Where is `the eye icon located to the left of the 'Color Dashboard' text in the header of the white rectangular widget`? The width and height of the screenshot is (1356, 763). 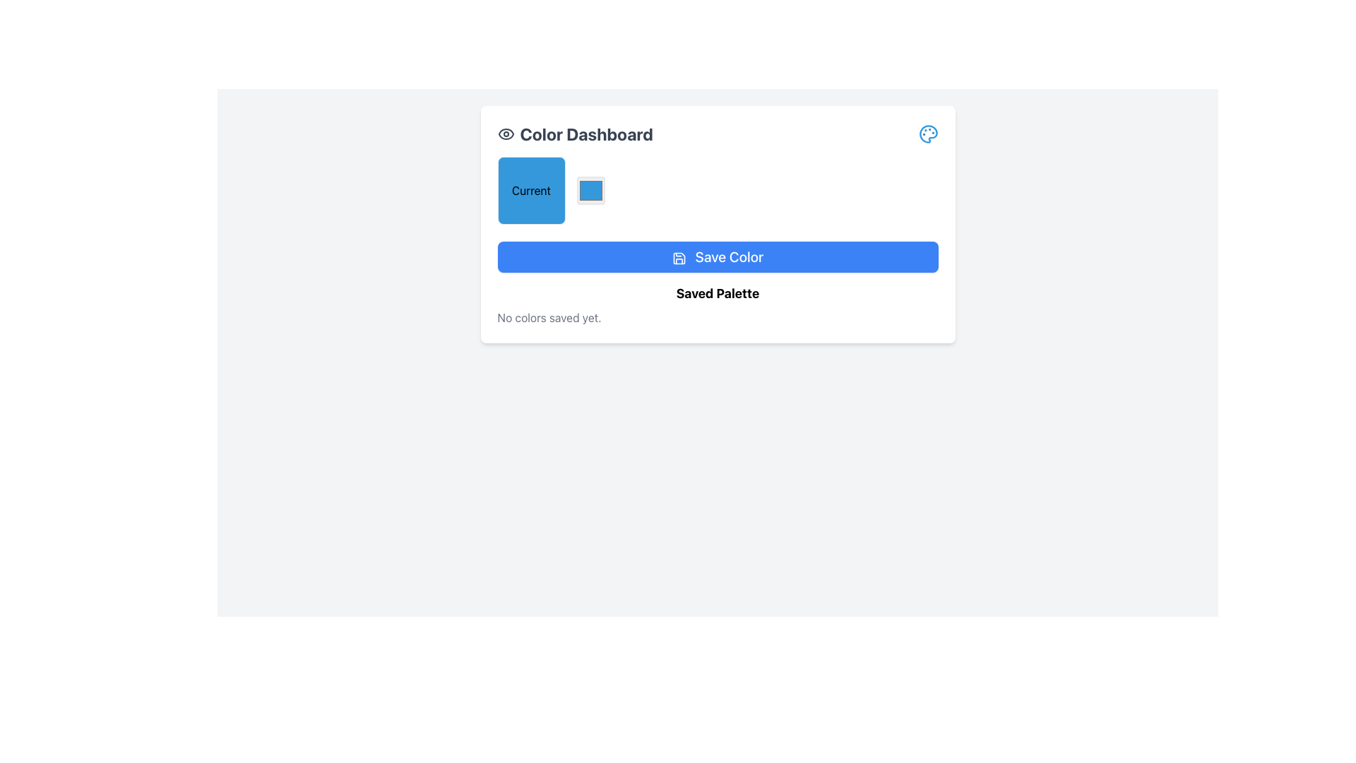
the eye icon located to the left of the 'Color Dashboard' text in the header of the white rectangular widget is located at coordinates (506, 134).